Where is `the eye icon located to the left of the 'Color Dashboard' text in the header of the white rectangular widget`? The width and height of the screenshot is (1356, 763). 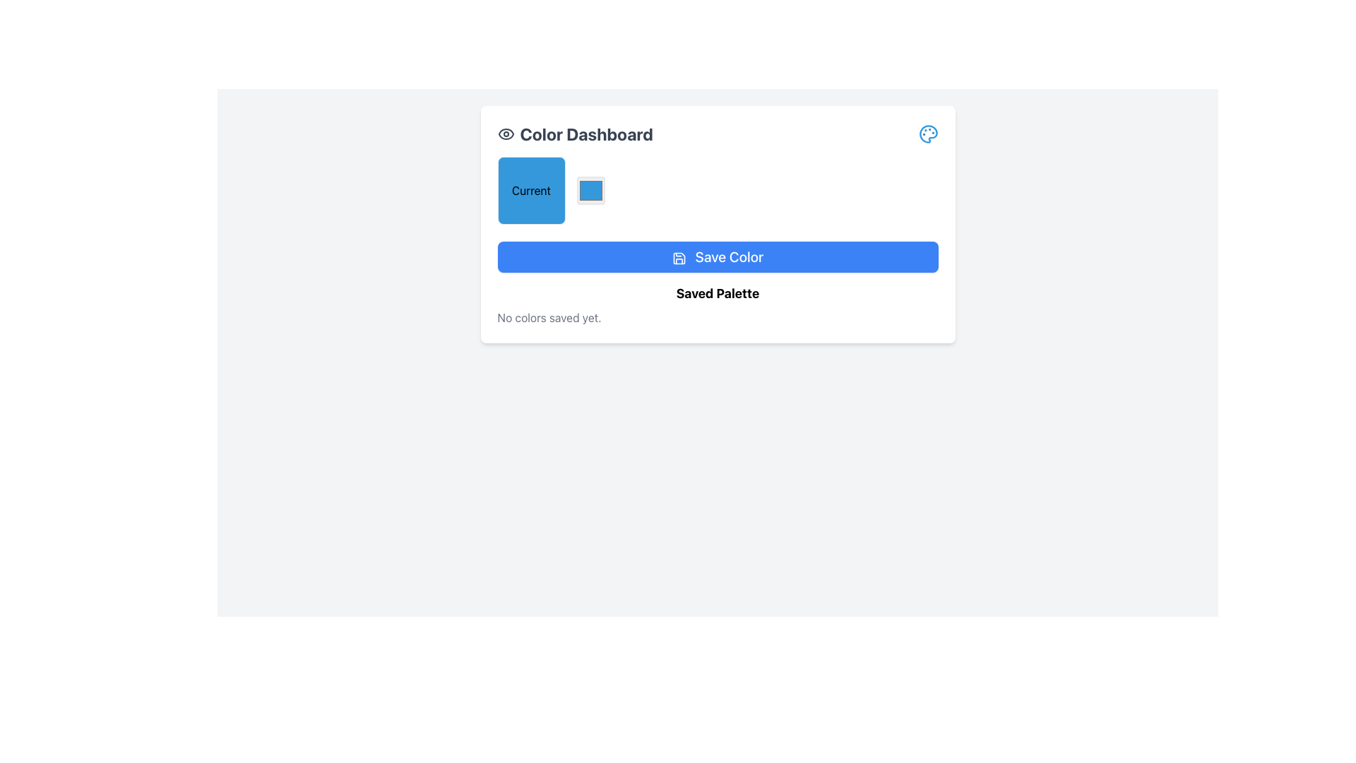
the eye icon located to the left of the 'Color Dashboard' text in the header of the white rectangular widget is located at coordinates (506, 134).